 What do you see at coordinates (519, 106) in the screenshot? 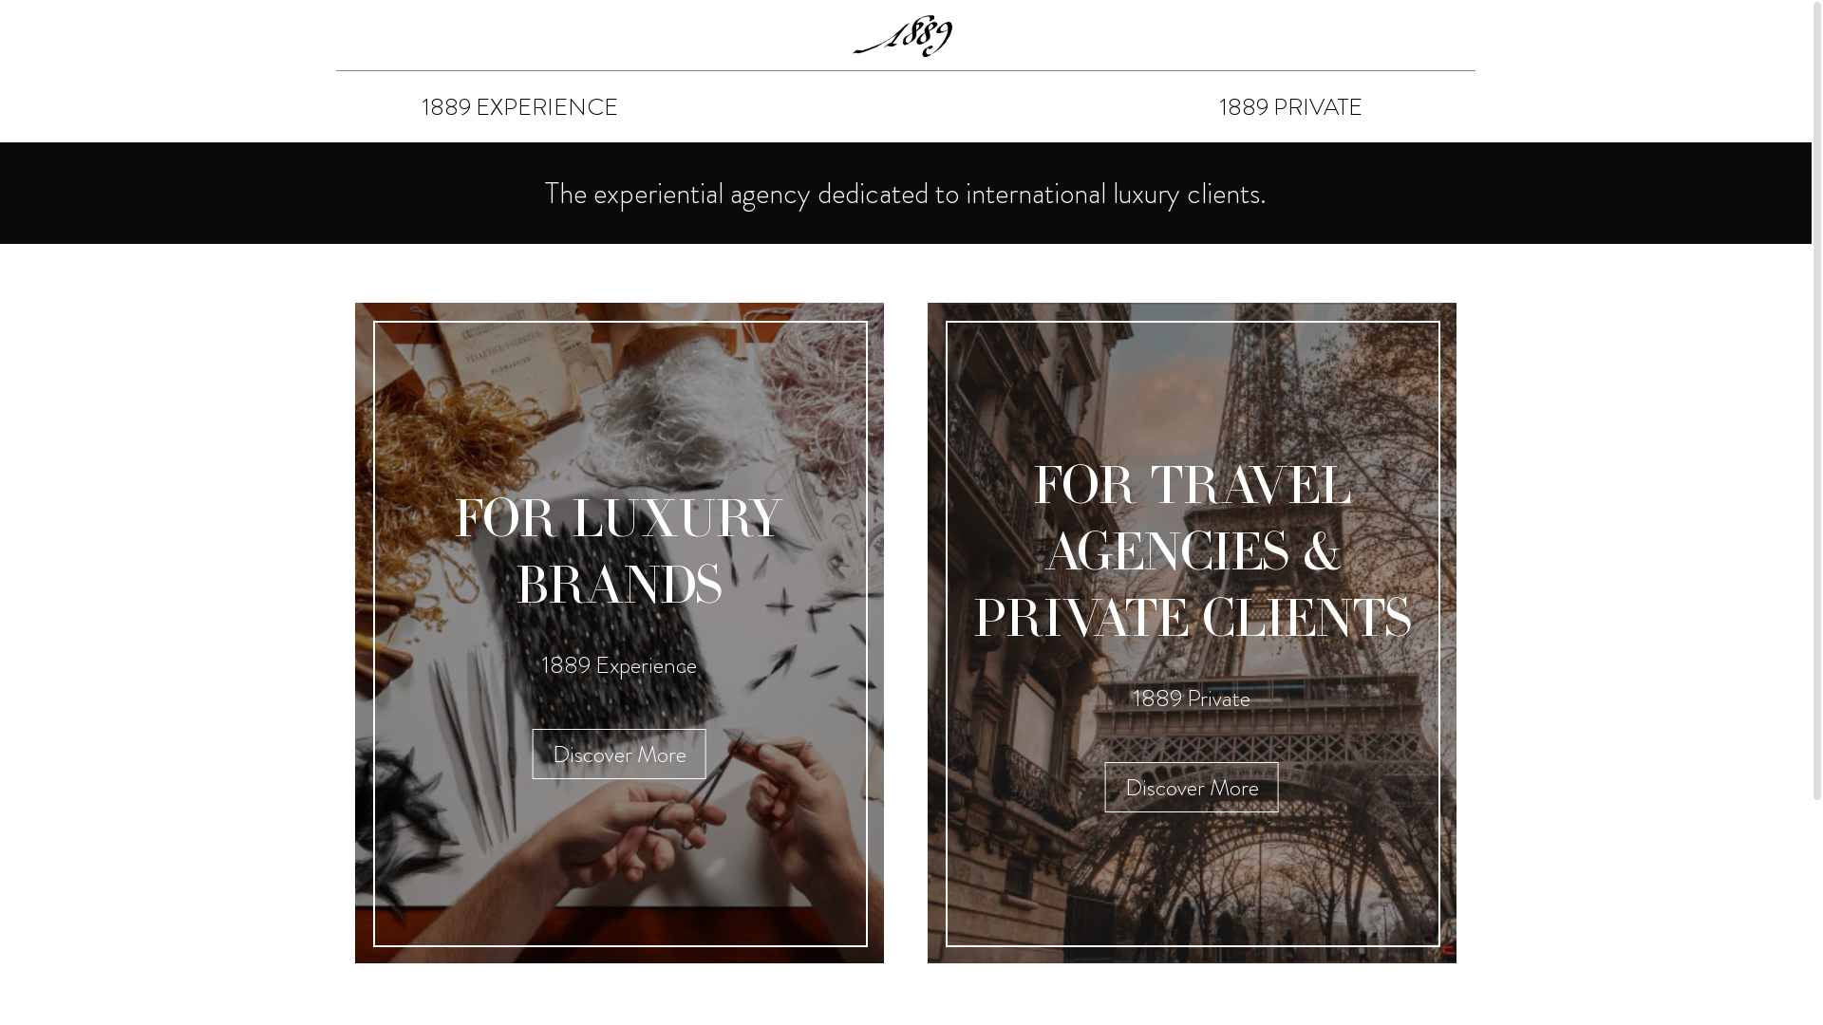
I see `'1889 EXPERIENCE'` at bounding box center [519, 106].